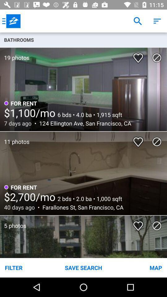  I want to click on the icon next to the 7 days ago, so click(83, 123).